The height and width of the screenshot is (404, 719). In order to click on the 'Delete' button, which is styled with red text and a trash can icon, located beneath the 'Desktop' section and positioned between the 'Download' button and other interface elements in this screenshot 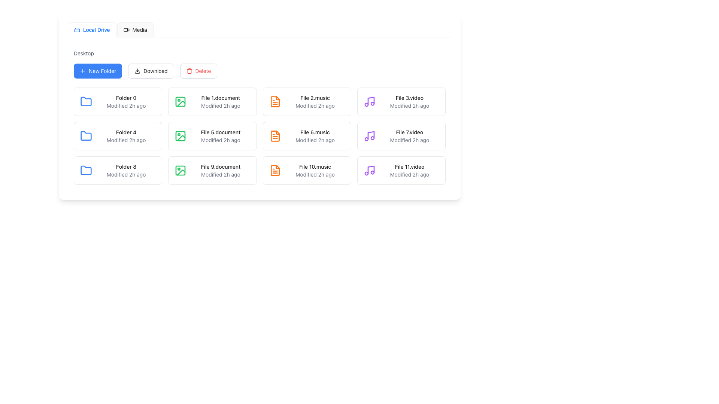, I will do `click(198, 71)`.